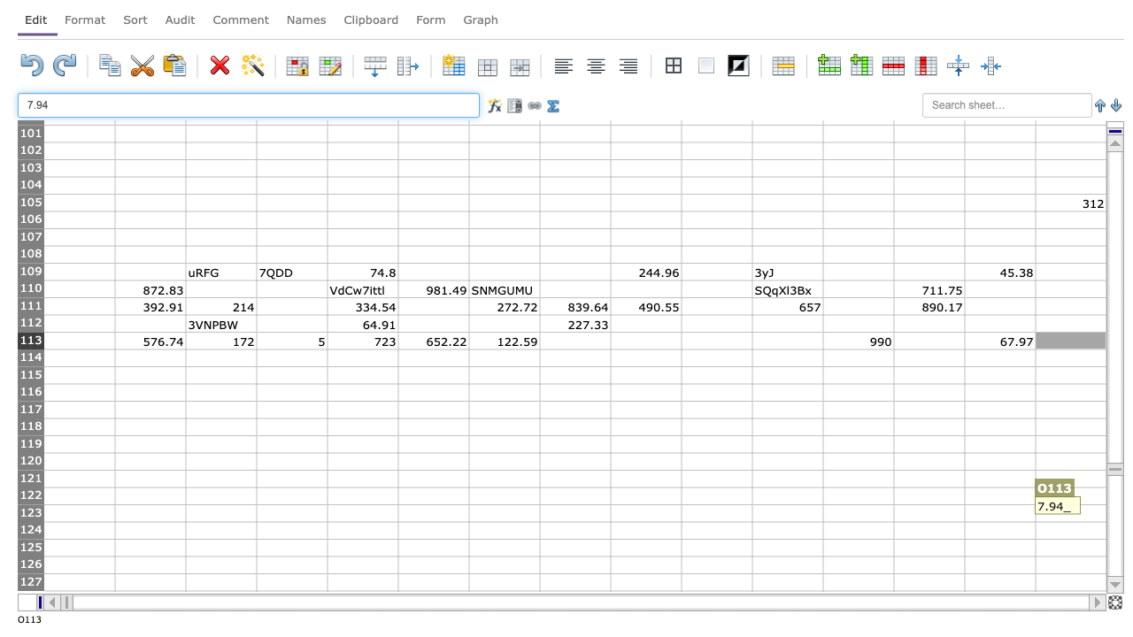 This screenshot has height=637, width=1133. I want to click on cell at column B row 124, so click(150, 529).